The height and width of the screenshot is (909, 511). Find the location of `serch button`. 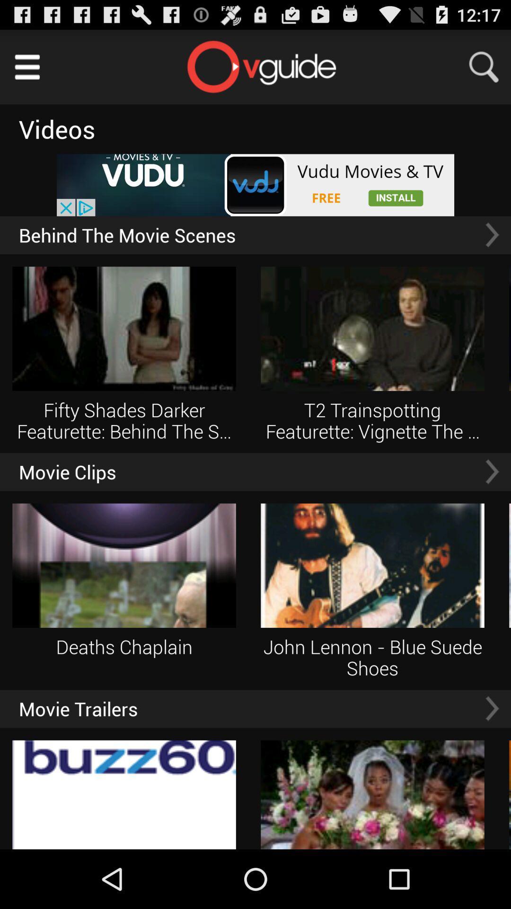

serch button is located at coordinates (490, 66).